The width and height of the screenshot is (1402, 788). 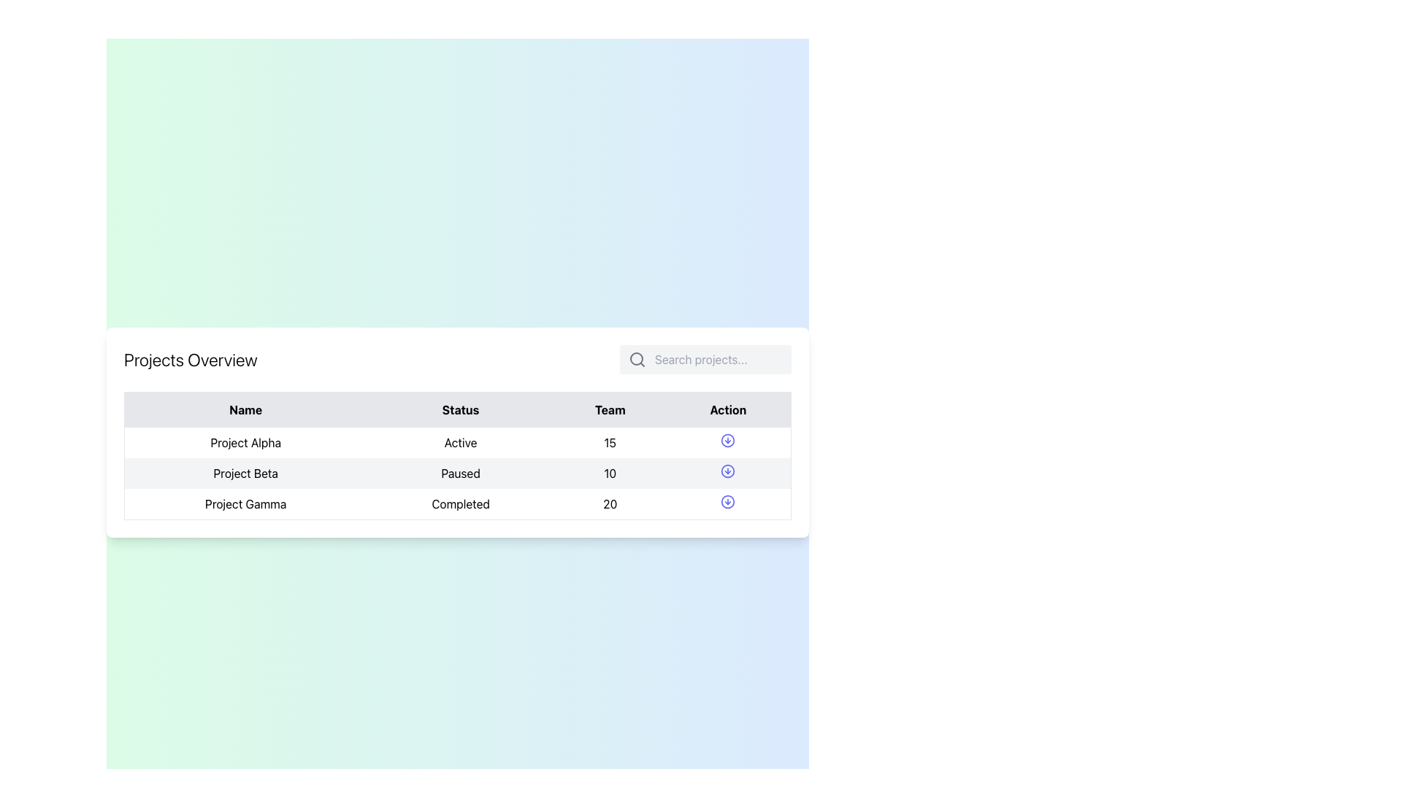 I want to click on the second row of the 'Projects Overview' table that provides information about 'Project Beta', so click(x=457, y=473).